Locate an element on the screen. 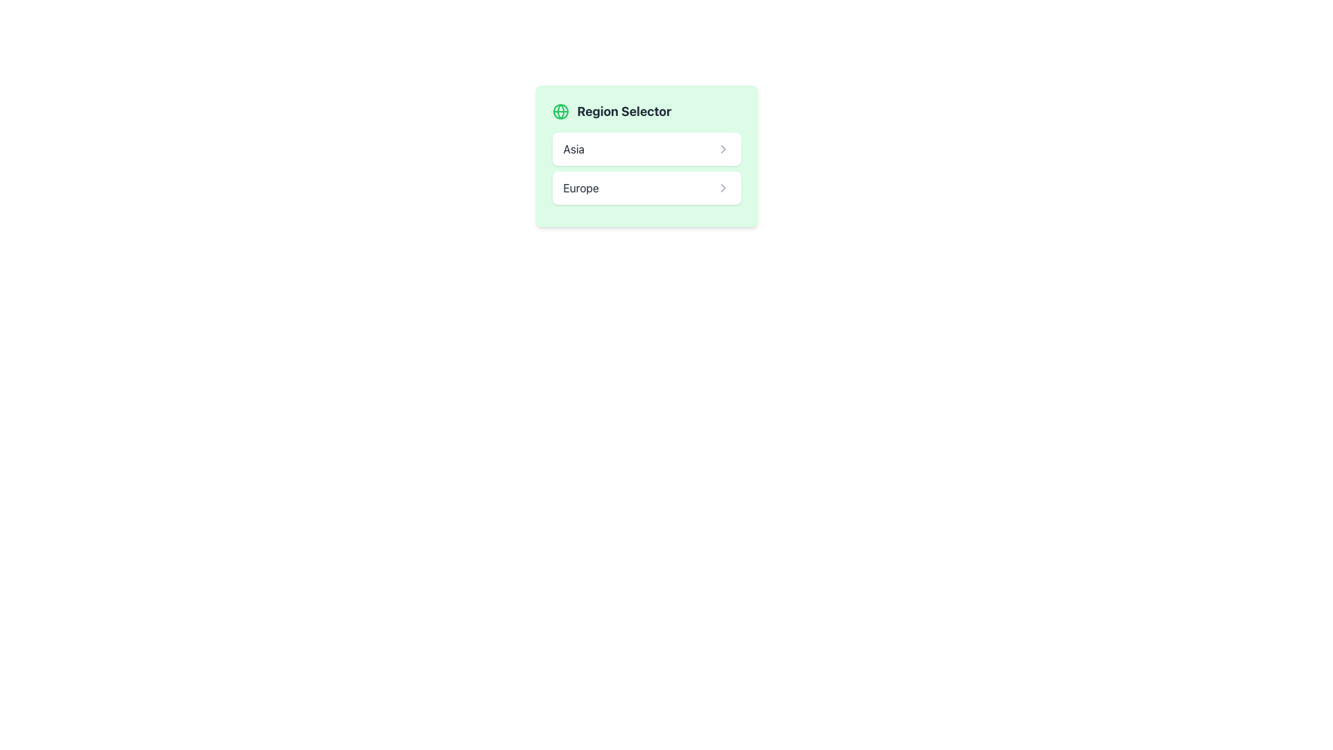 The image size is (1333, 750). the 'List Item Component' located in the 'Region Selector' to observe hover effects is located at coordinates (646, 168).